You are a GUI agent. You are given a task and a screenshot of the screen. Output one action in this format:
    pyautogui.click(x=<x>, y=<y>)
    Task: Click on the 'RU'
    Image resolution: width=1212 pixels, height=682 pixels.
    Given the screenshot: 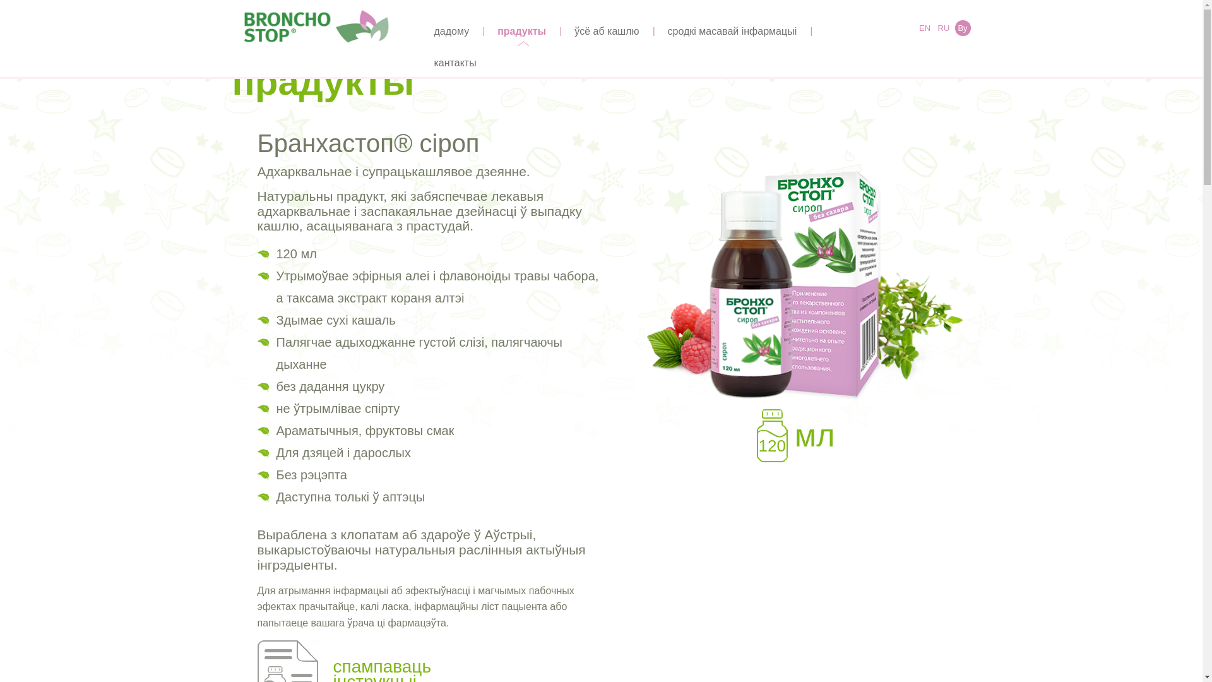 What is the action you would take?
    pyautogui.click(x=943, y=28)
    